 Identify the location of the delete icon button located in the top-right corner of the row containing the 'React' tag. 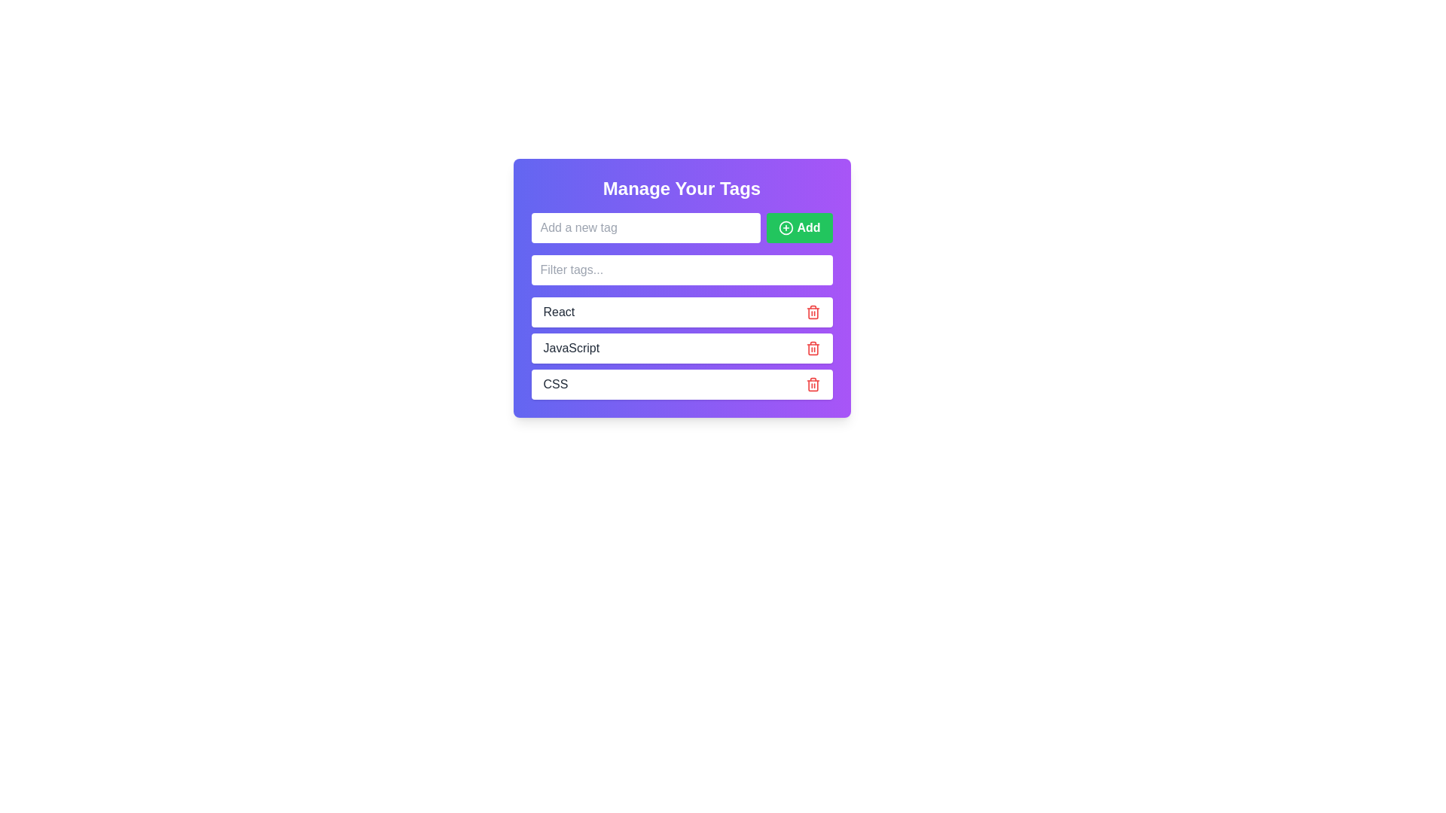
(812, 312).